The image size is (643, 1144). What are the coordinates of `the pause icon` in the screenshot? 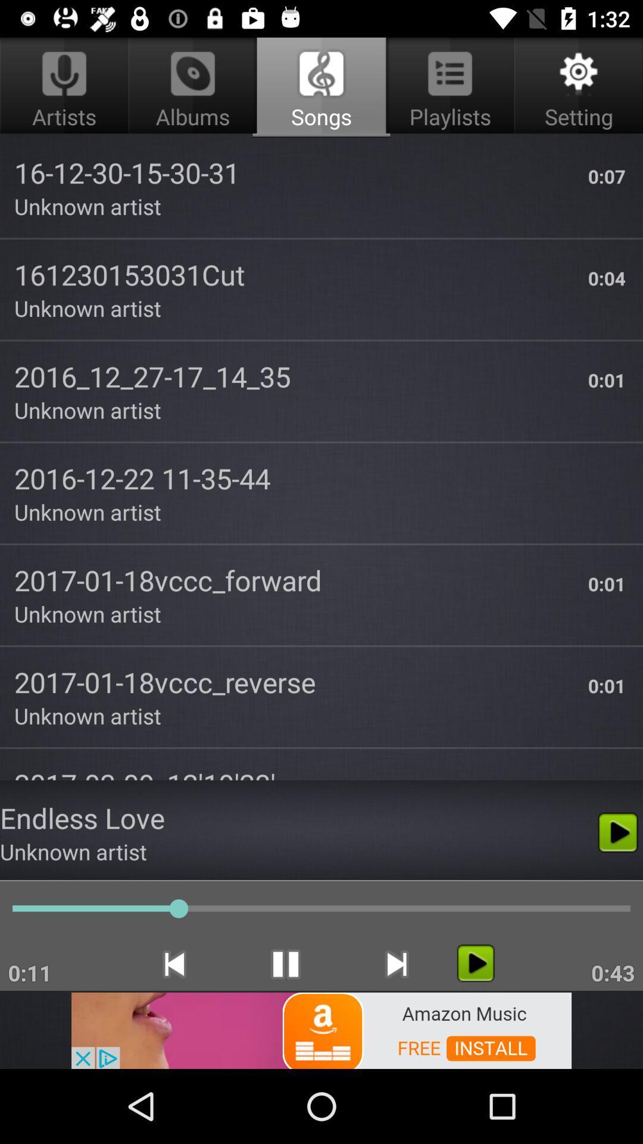 It's located at (285, 964).